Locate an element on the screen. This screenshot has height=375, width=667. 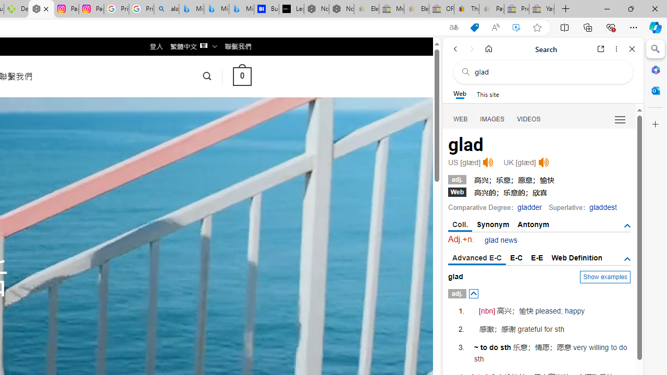
'Press Room - eBay Inc. - Sleeping' is located at coordinates (516, 9).